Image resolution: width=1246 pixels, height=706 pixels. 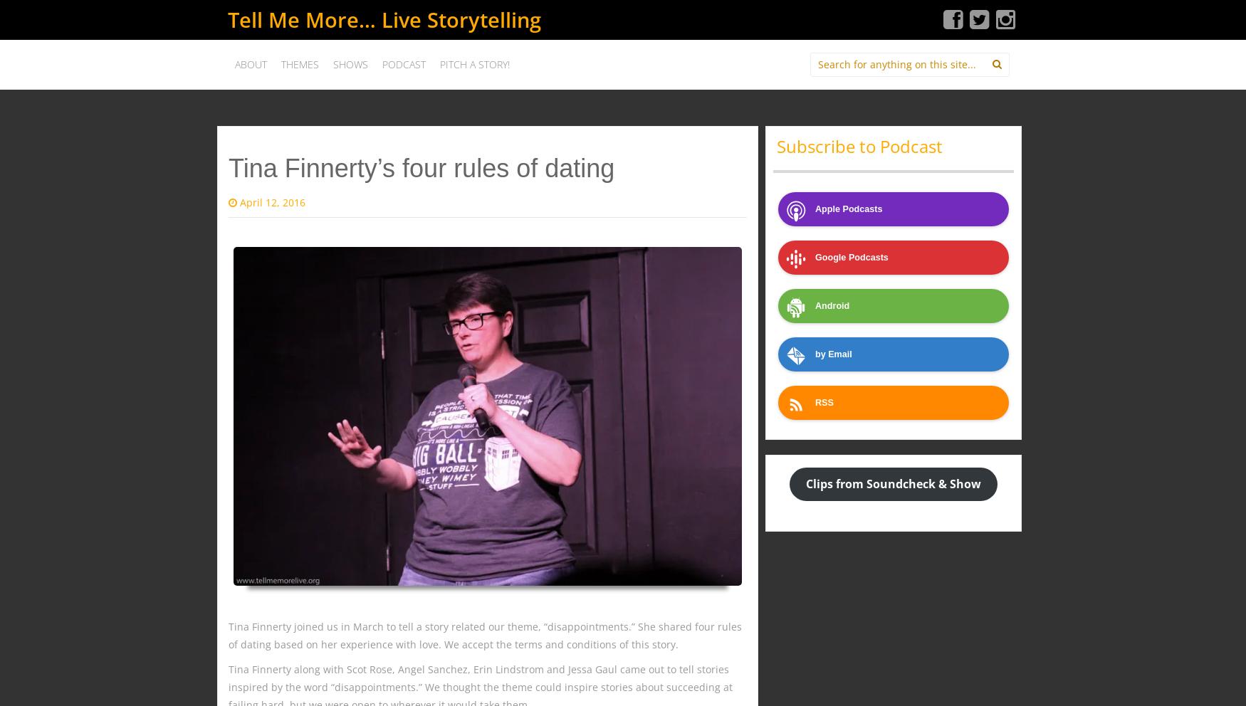 I want to click on 'Subscribe to Podcast', so click(x=859, y=144).